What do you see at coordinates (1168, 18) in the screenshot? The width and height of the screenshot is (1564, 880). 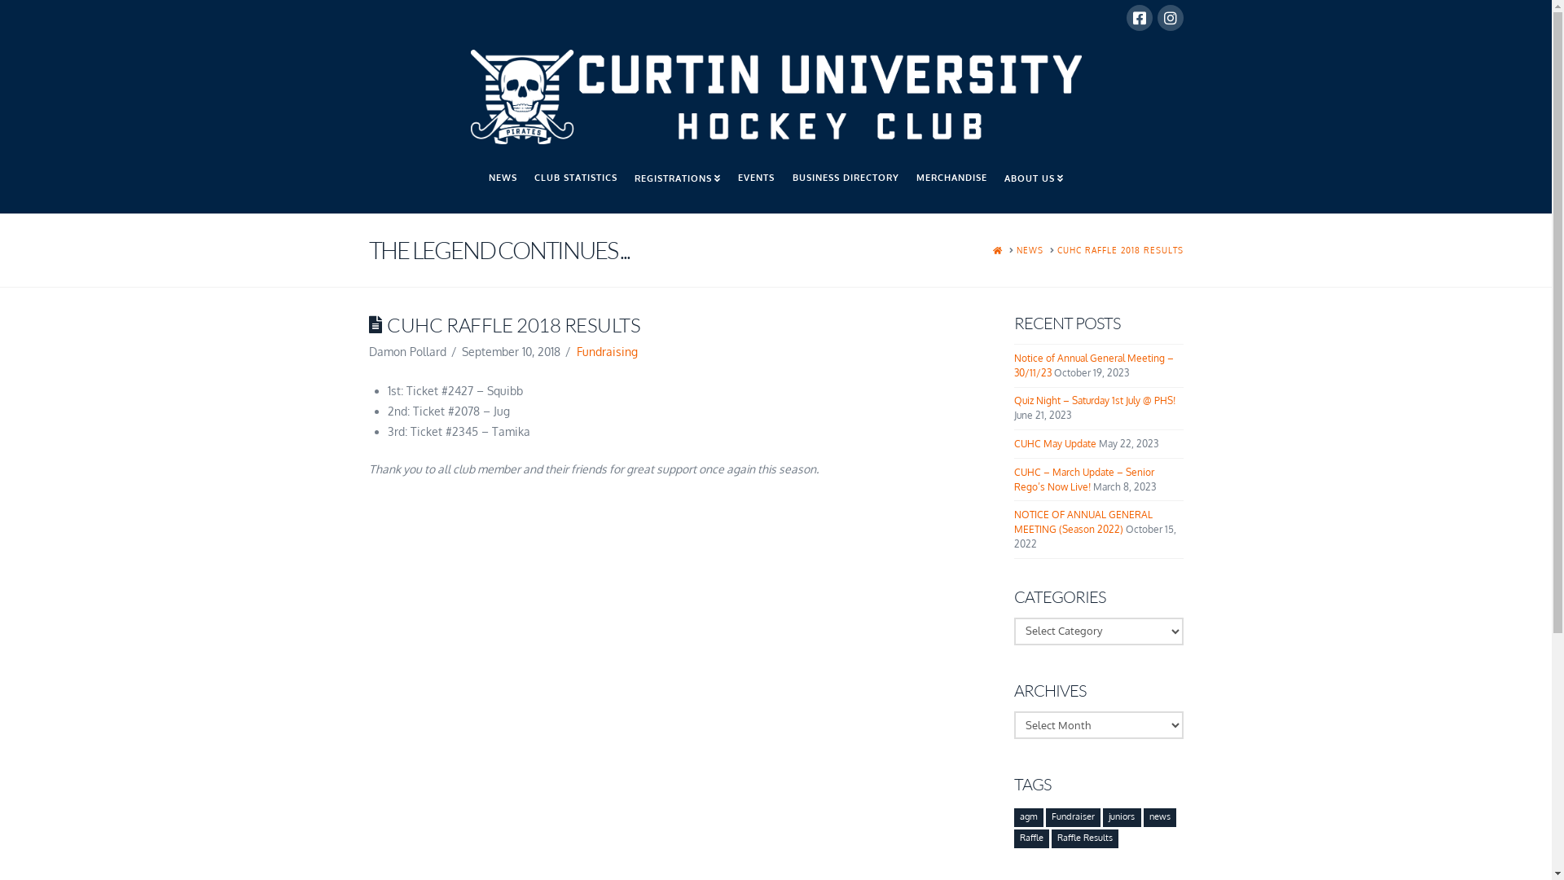 I see `'Instagram'` at bounding box center [1168, 18].